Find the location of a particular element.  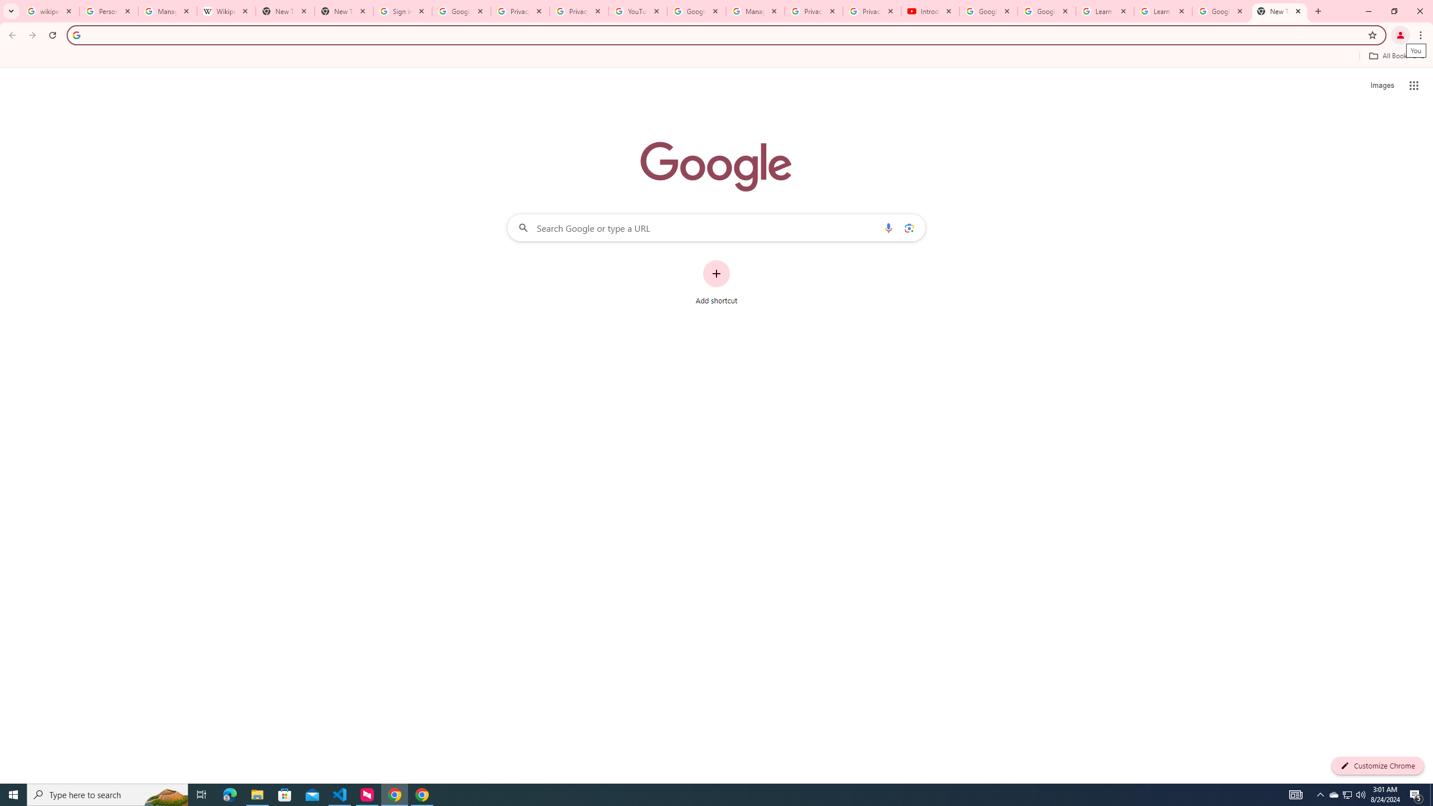

'Google Account Help' is located at coordinates (1047, 11).